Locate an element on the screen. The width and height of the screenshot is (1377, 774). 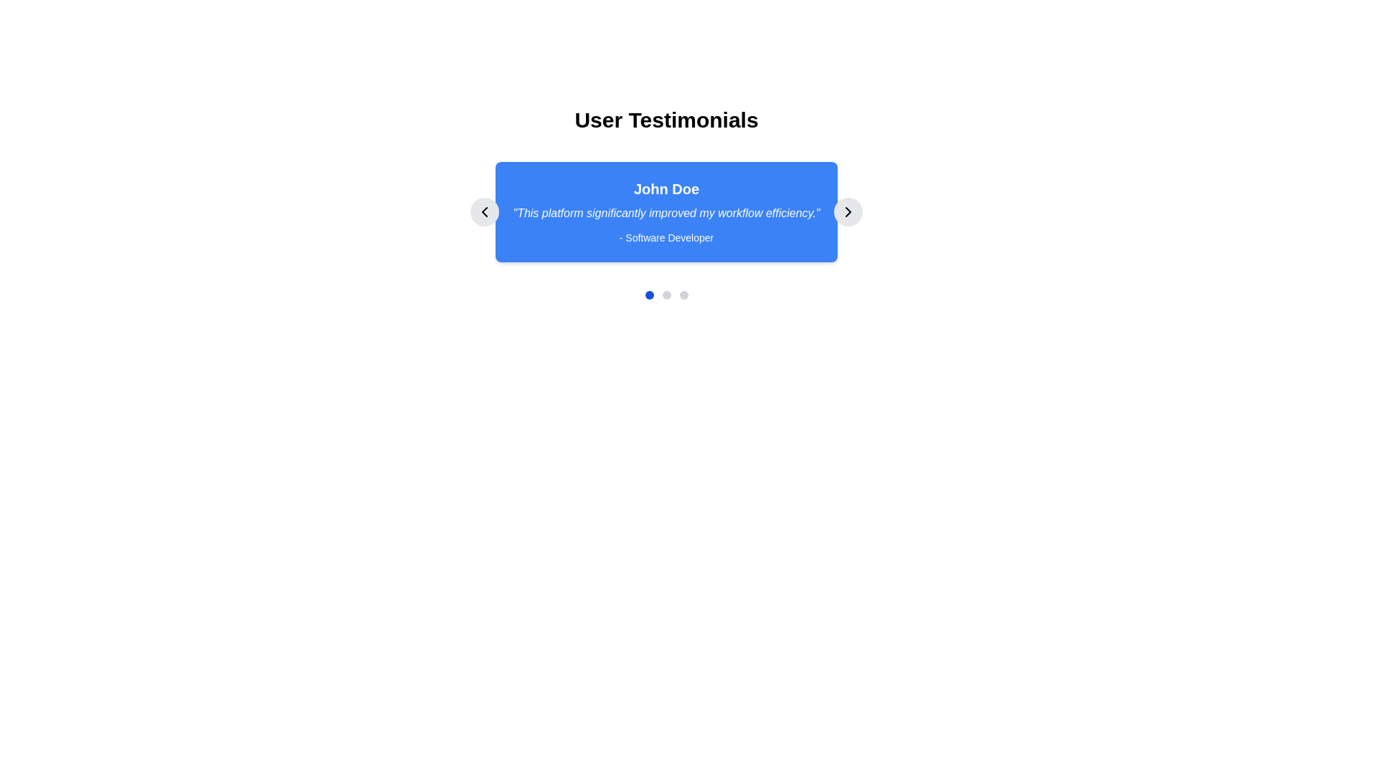
the text label that reads '- Software Developer', which is centrally aligned within a blue background section at the bottom of a testimonial card is located at coordinates (666, 236).